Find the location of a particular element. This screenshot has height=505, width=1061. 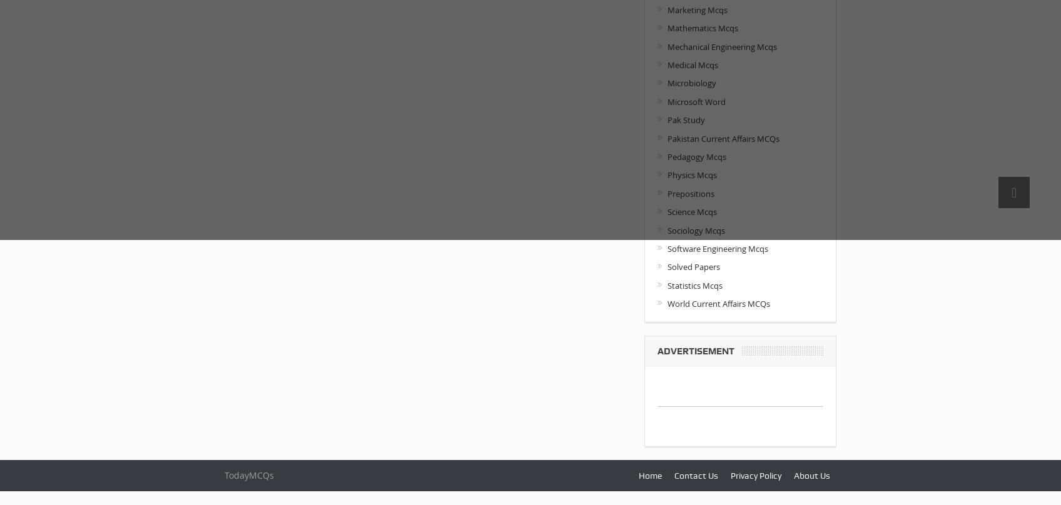

'Advertisement' is located at coordinates (657, 349).